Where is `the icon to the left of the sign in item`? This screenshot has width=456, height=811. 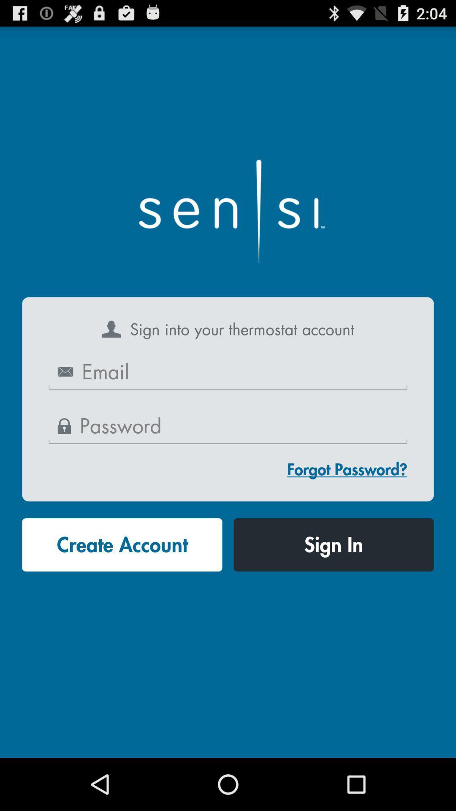 the icon to the left of the sign in item is located at coordinates (122, 545).